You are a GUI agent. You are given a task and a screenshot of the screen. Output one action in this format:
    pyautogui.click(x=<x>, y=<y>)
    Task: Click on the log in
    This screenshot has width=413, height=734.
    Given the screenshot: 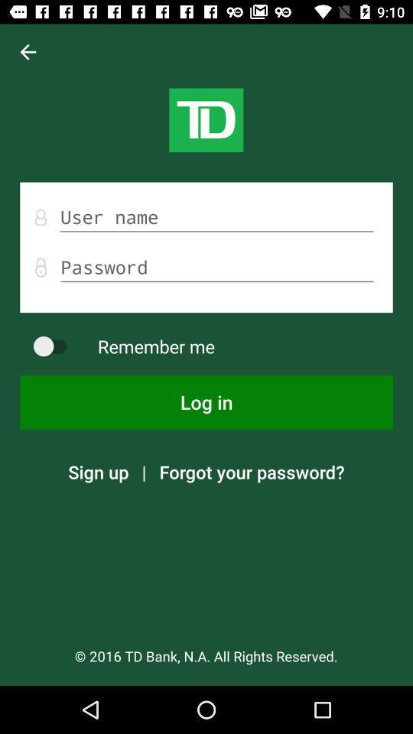 What is the action you would take?
    pyautogui.click(x=206, y=401)
    